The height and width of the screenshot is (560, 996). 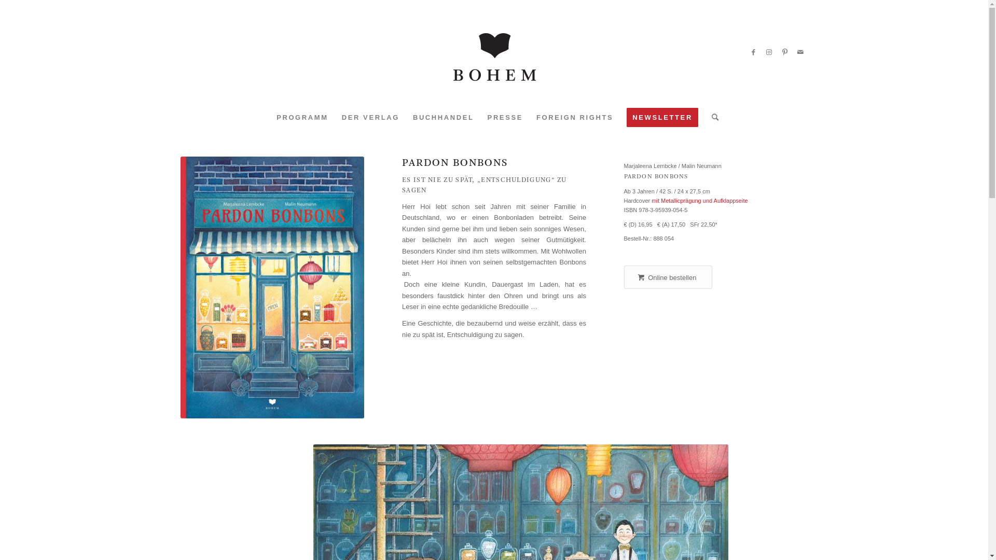 I want to click on 'PROGRAMM', so click(x=301, y=117).